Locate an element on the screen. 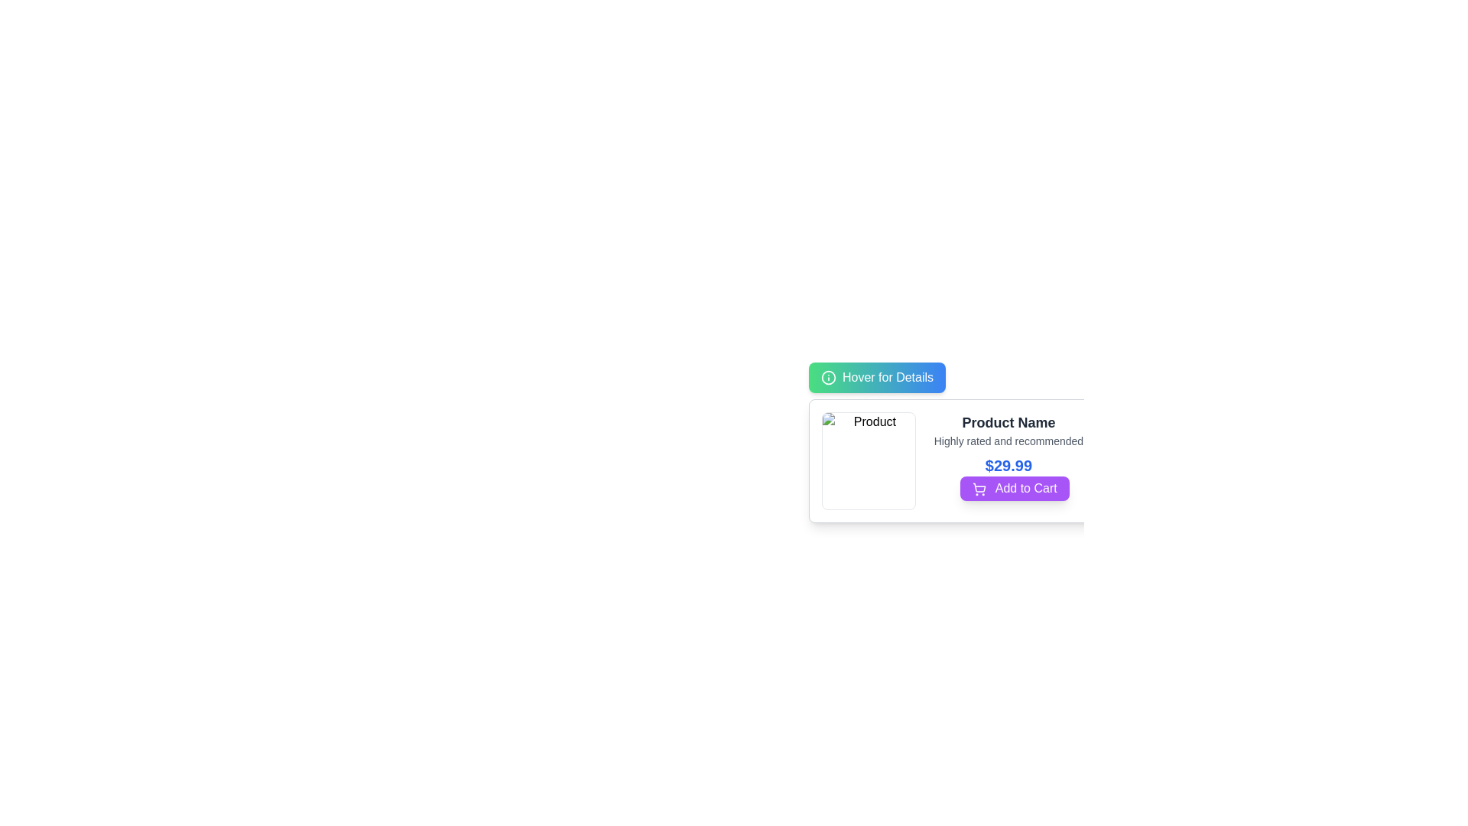 This screenshot has width=1468, height=826. the button located at the lower portion of the product card, adjacent to the price text ('$29.99') is located at coordinates (1015, 489).